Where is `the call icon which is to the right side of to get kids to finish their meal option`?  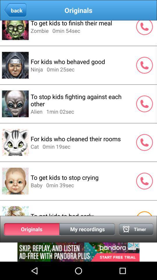
the call icon which is to the right side of to get kids to finish their meal option is located at coordinates (144, 29).